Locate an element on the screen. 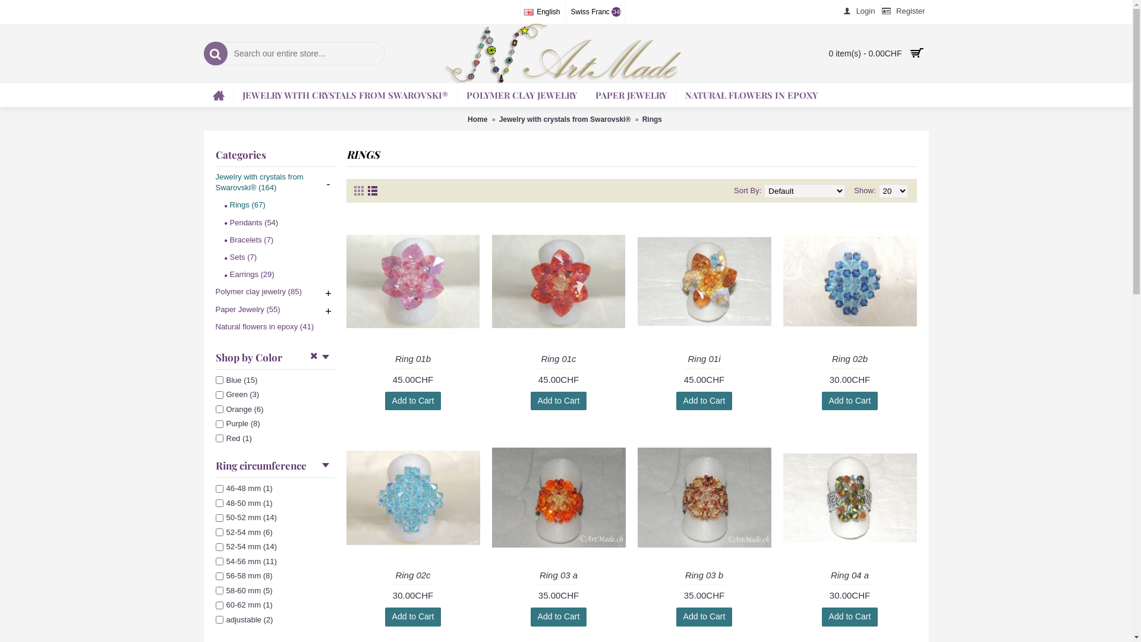  'Register' is located at coordinates (903, 11).